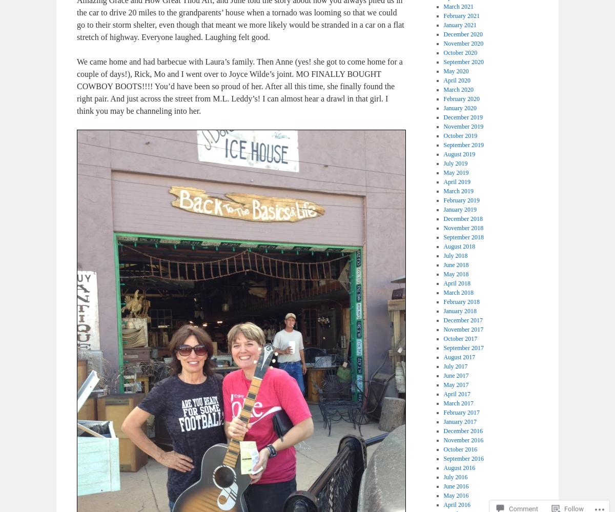 The height and width of the screenshot is (512, 615). What do you see at coordinates (442, 247) in the screenshot?
I see `'August 2018'` at bounding box center [442, 247].